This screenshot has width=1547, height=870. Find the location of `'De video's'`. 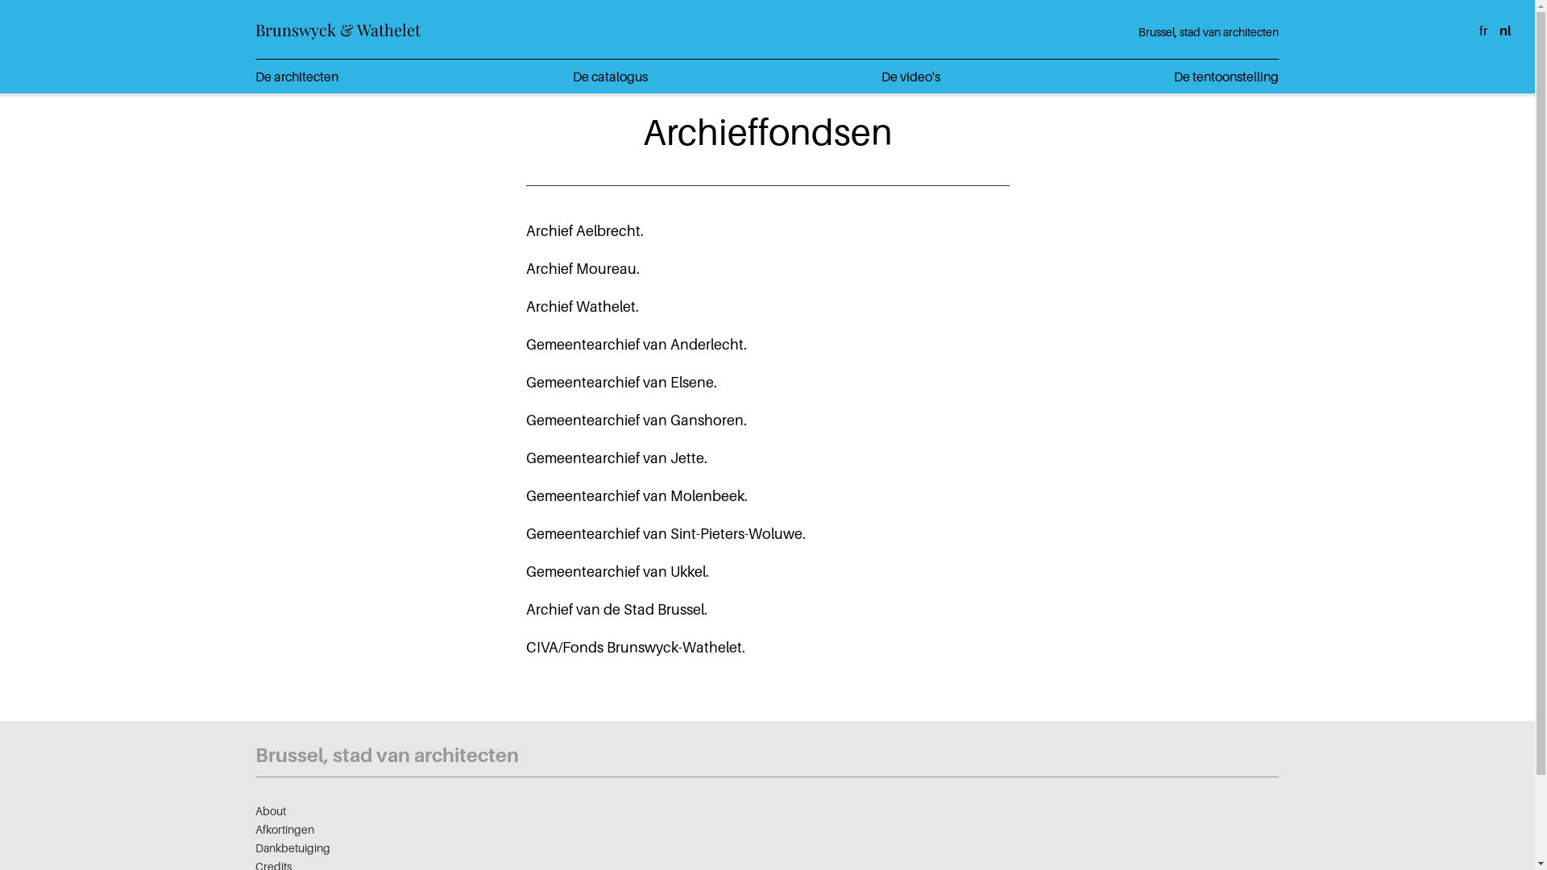

'De video's' is located at coordinates (910, 77).